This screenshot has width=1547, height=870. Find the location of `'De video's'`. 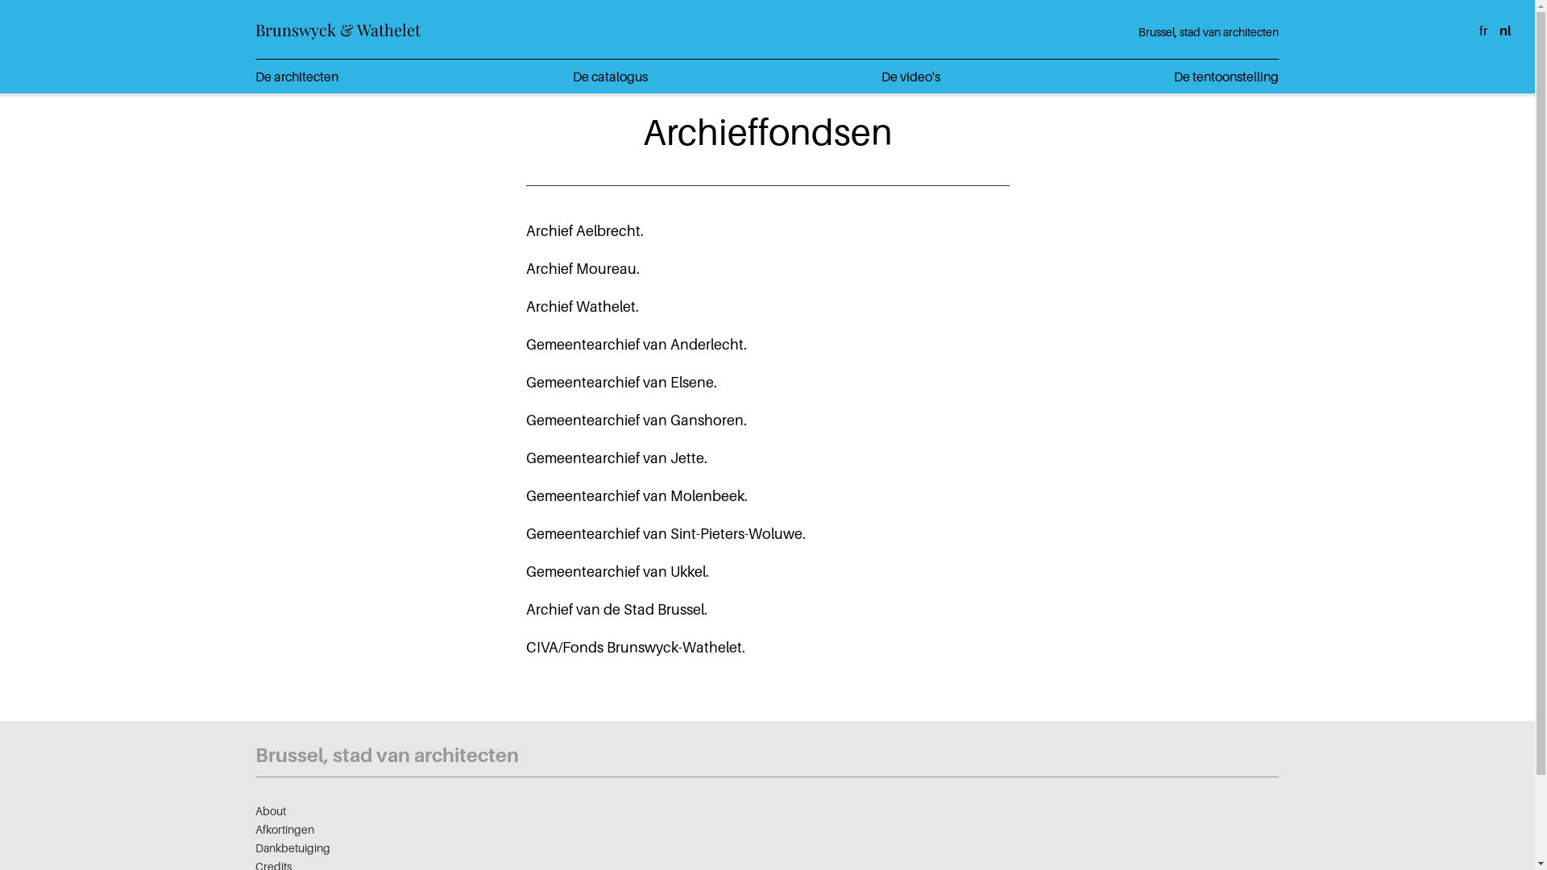

'De video's' is located at coordinates (910, 77).